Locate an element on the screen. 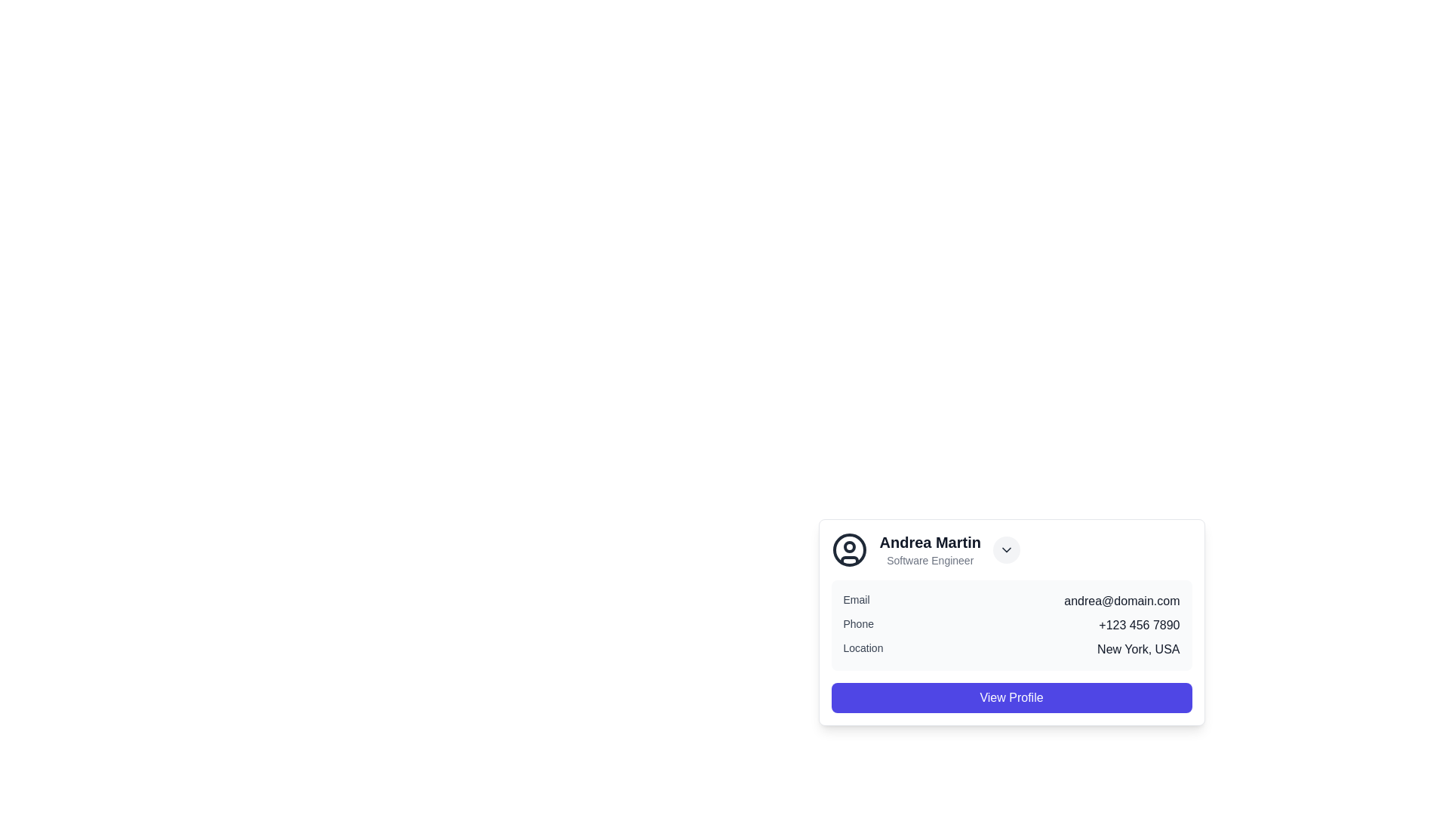  the static text displaying the user's email address located in the lower part of the user profile card, to the right of the 'Email' label is located at coordinates (1121, 601).